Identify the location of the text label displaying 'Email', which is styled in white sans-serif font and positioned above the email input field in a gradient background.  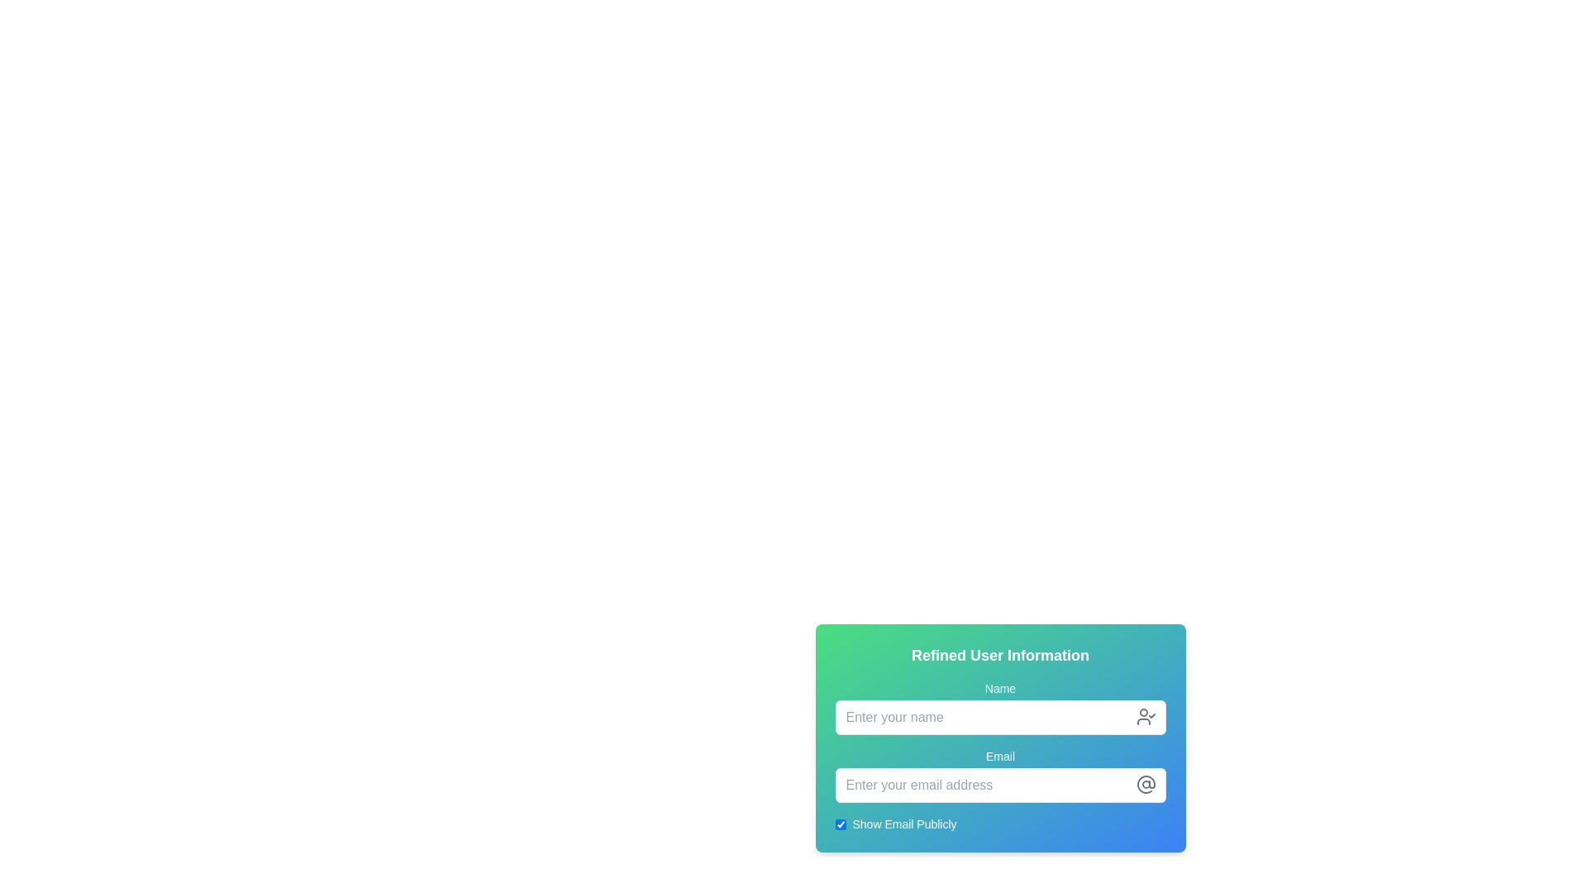
(999, 756).